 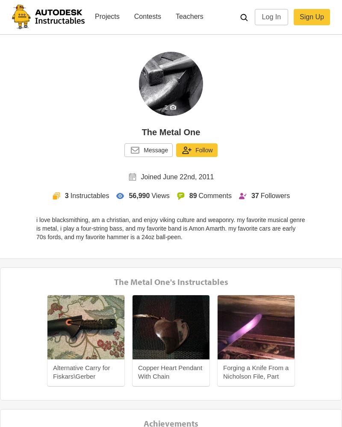 What do you see at coordinates (106, 16) in the screenshot?
I see `'Projects'` at bounding box center [106, 16].